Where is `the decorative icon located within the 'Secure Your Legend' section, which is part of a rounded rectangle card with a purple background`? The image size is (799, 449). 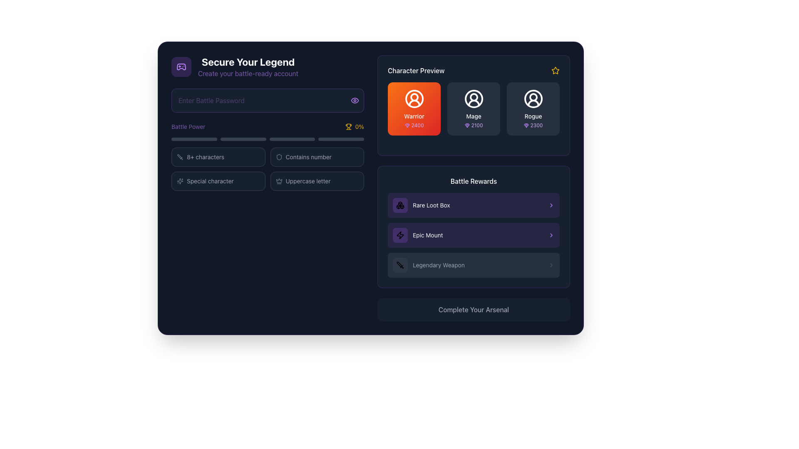 the decorative icon located within the 'Secure Your Legend' section, which is part of a rounded rectangle card with a purple background is located at coordinates (181, 67).